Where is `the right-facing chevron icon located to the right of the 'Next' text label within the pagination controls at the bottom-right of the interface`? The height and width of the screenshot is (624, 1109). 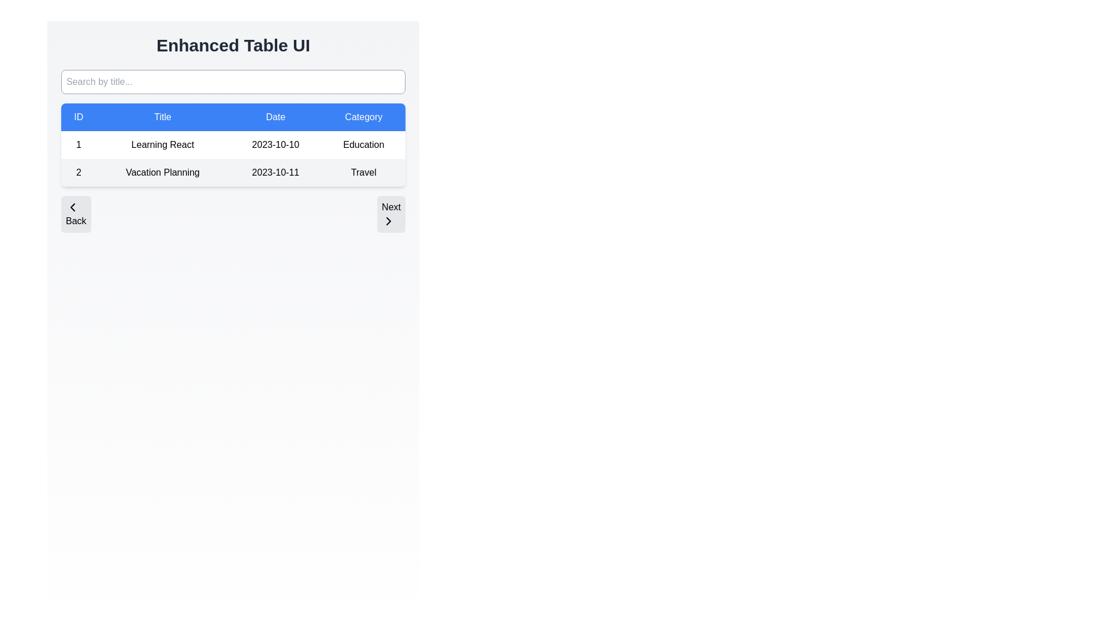 the right-facing chevron icon located to the right of the 'Next' text label within the pagination controls at the bottom-right of the interface is located at coordinates (389, 221).